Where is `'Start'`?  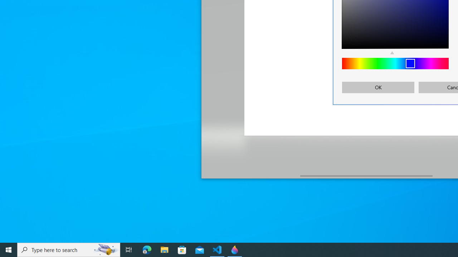 'Start' is located at coordinates (9, 249).